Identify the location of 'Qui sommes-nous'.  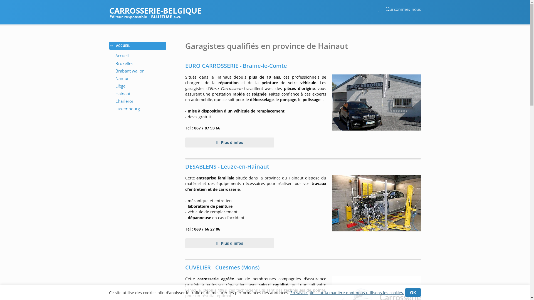
(385, 9).